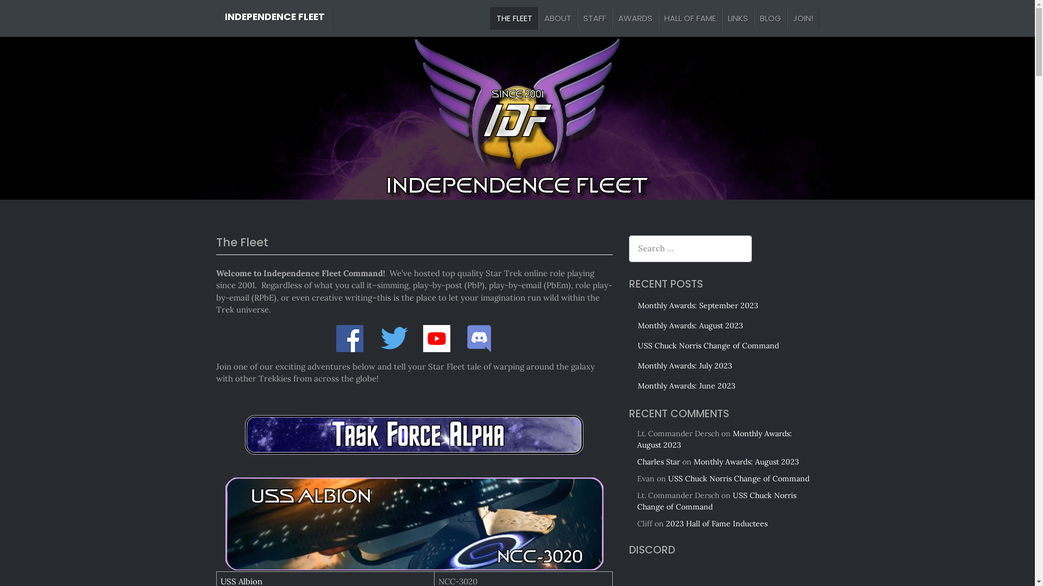 Image resolution: width=1043 pixels, height=586 pixels. What do you see at coordinates (690, 249) in the screenshot?
I see `'Search for:'` at bounding box center [690, 249].